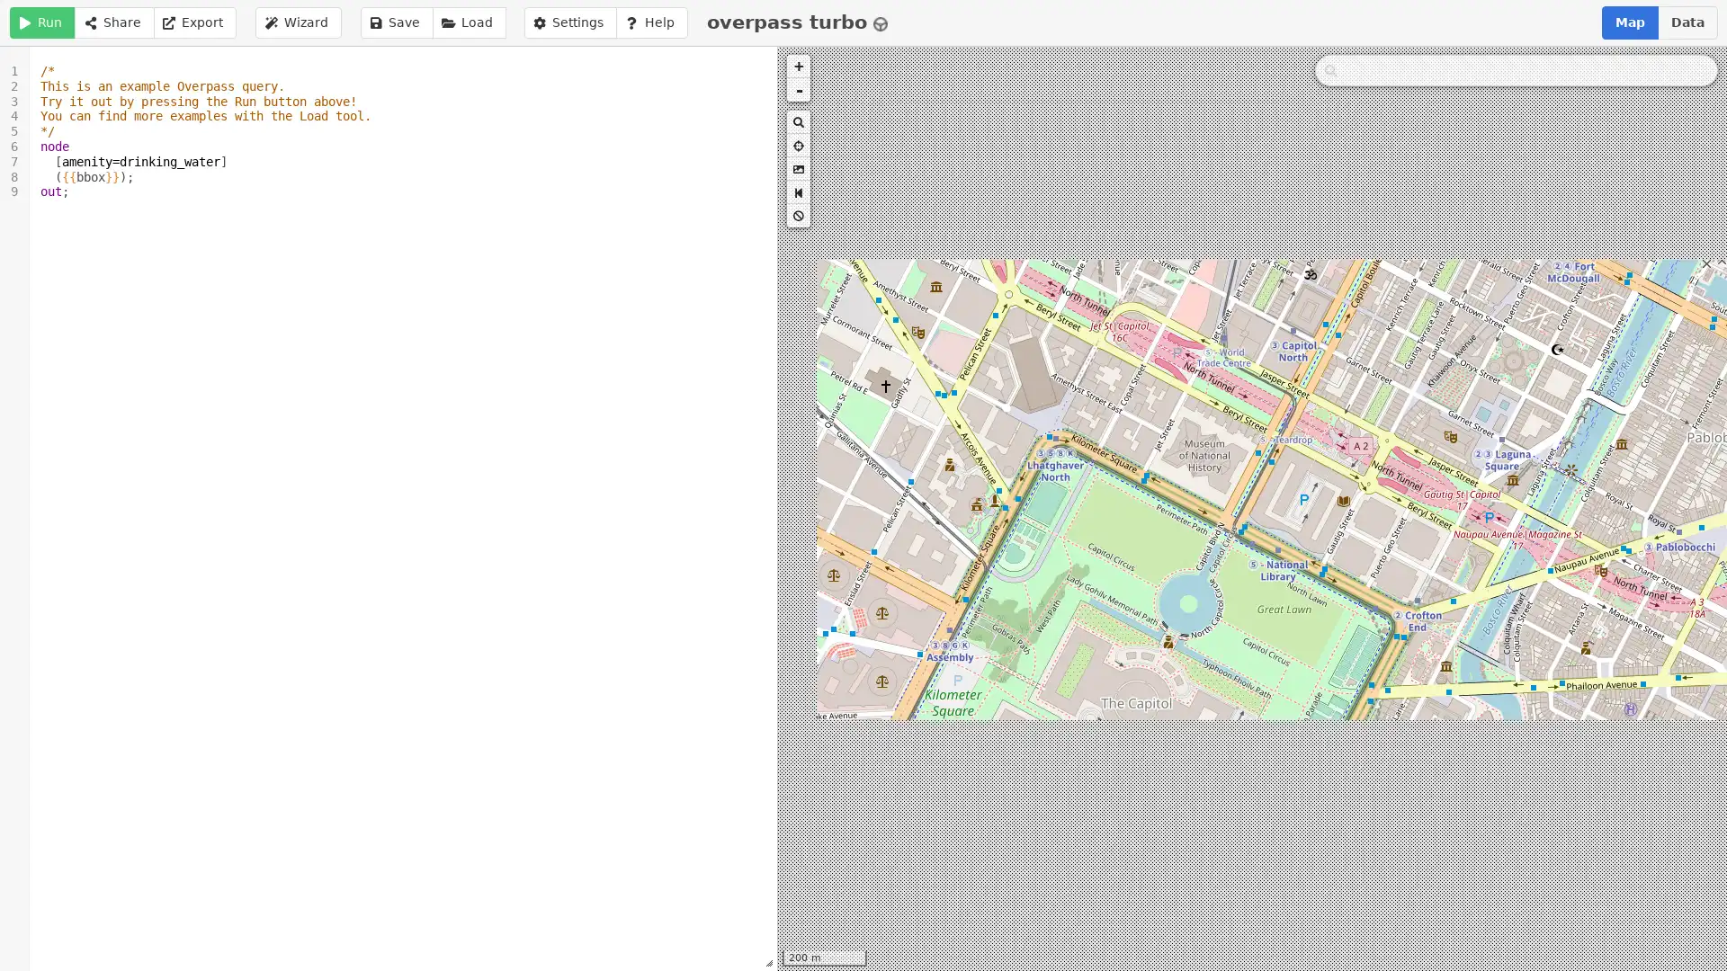 Image resolution: width=1727 pixels, height=971 pixels. Describe the element at coordinates (42, 22) in the screenshot. I see `Run` at that location.